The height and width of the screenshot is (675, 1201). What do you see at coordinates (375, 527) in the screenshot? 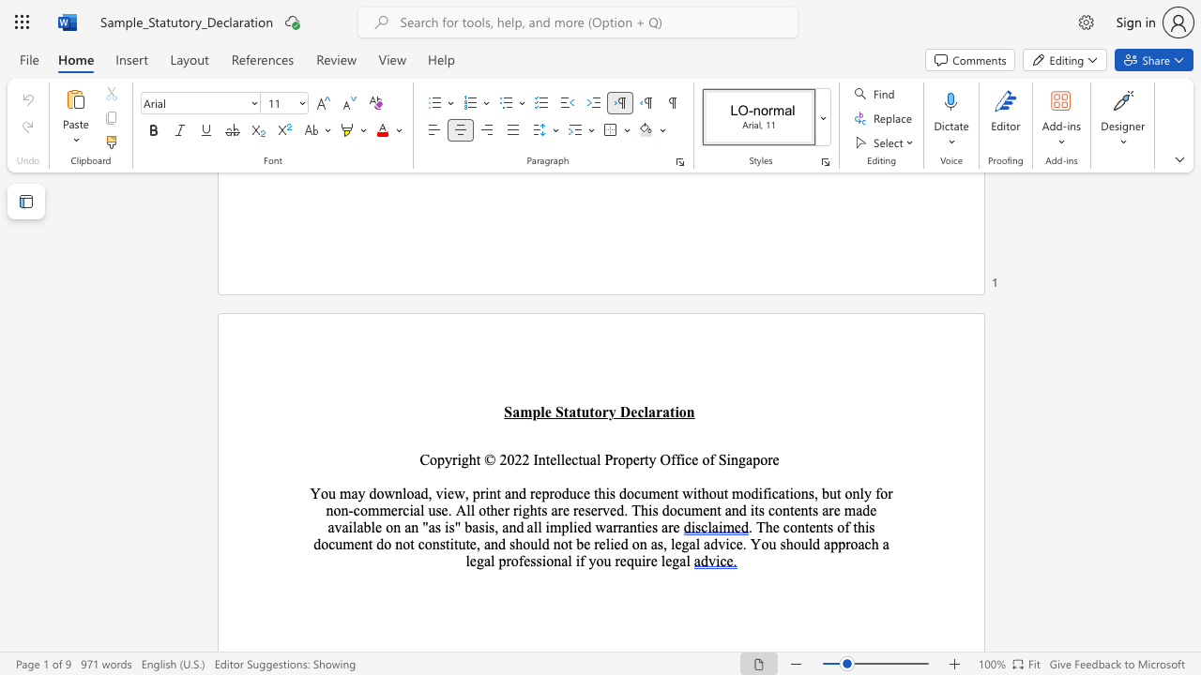
I see `the subset text "e on an" within the text "You may download, view, print and reproduce this document without modifications, but only for non-commercial use. All other rights are reserved. This document and its contents are made available on an"` at bounding box center [375, 527].